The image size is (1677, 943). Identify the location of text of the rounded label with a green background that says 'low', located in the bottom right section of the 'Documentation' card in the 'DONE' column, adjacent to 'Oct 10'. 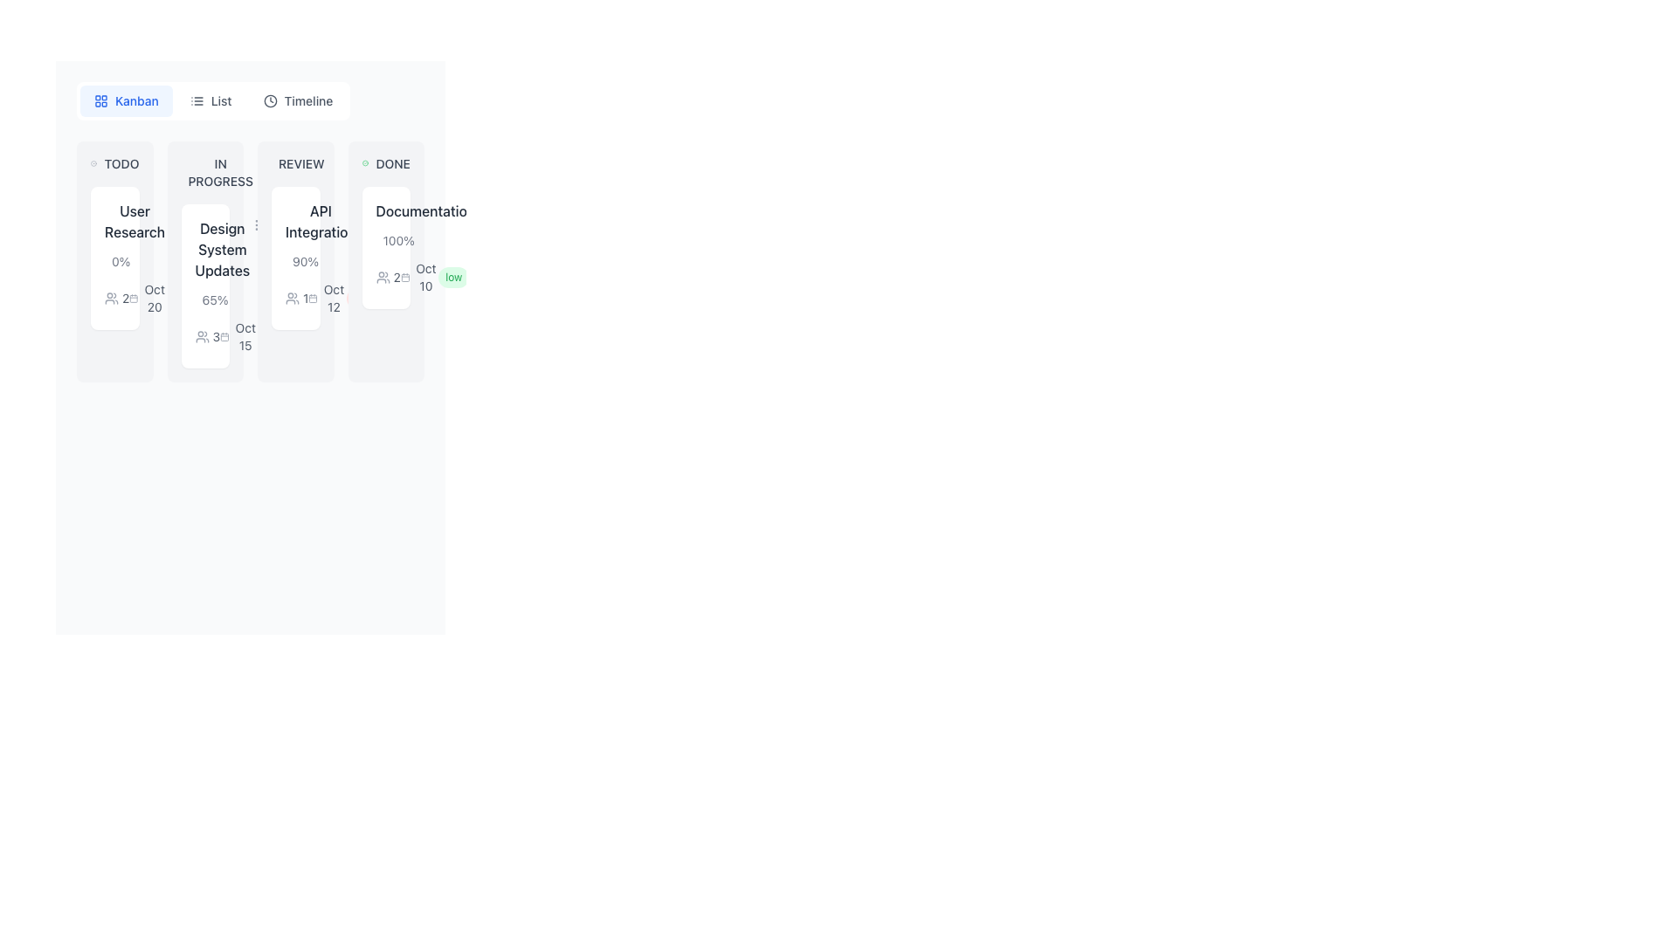
(453, 276).